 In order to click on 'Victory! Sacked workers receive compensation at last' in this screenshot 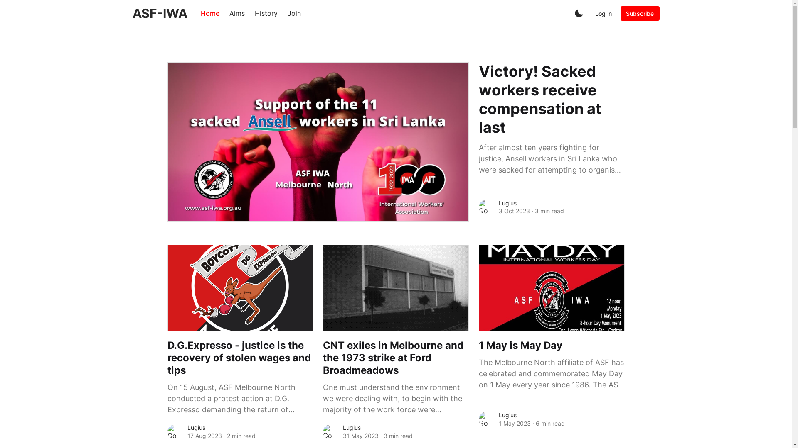, I will do `click(552, 99)`.